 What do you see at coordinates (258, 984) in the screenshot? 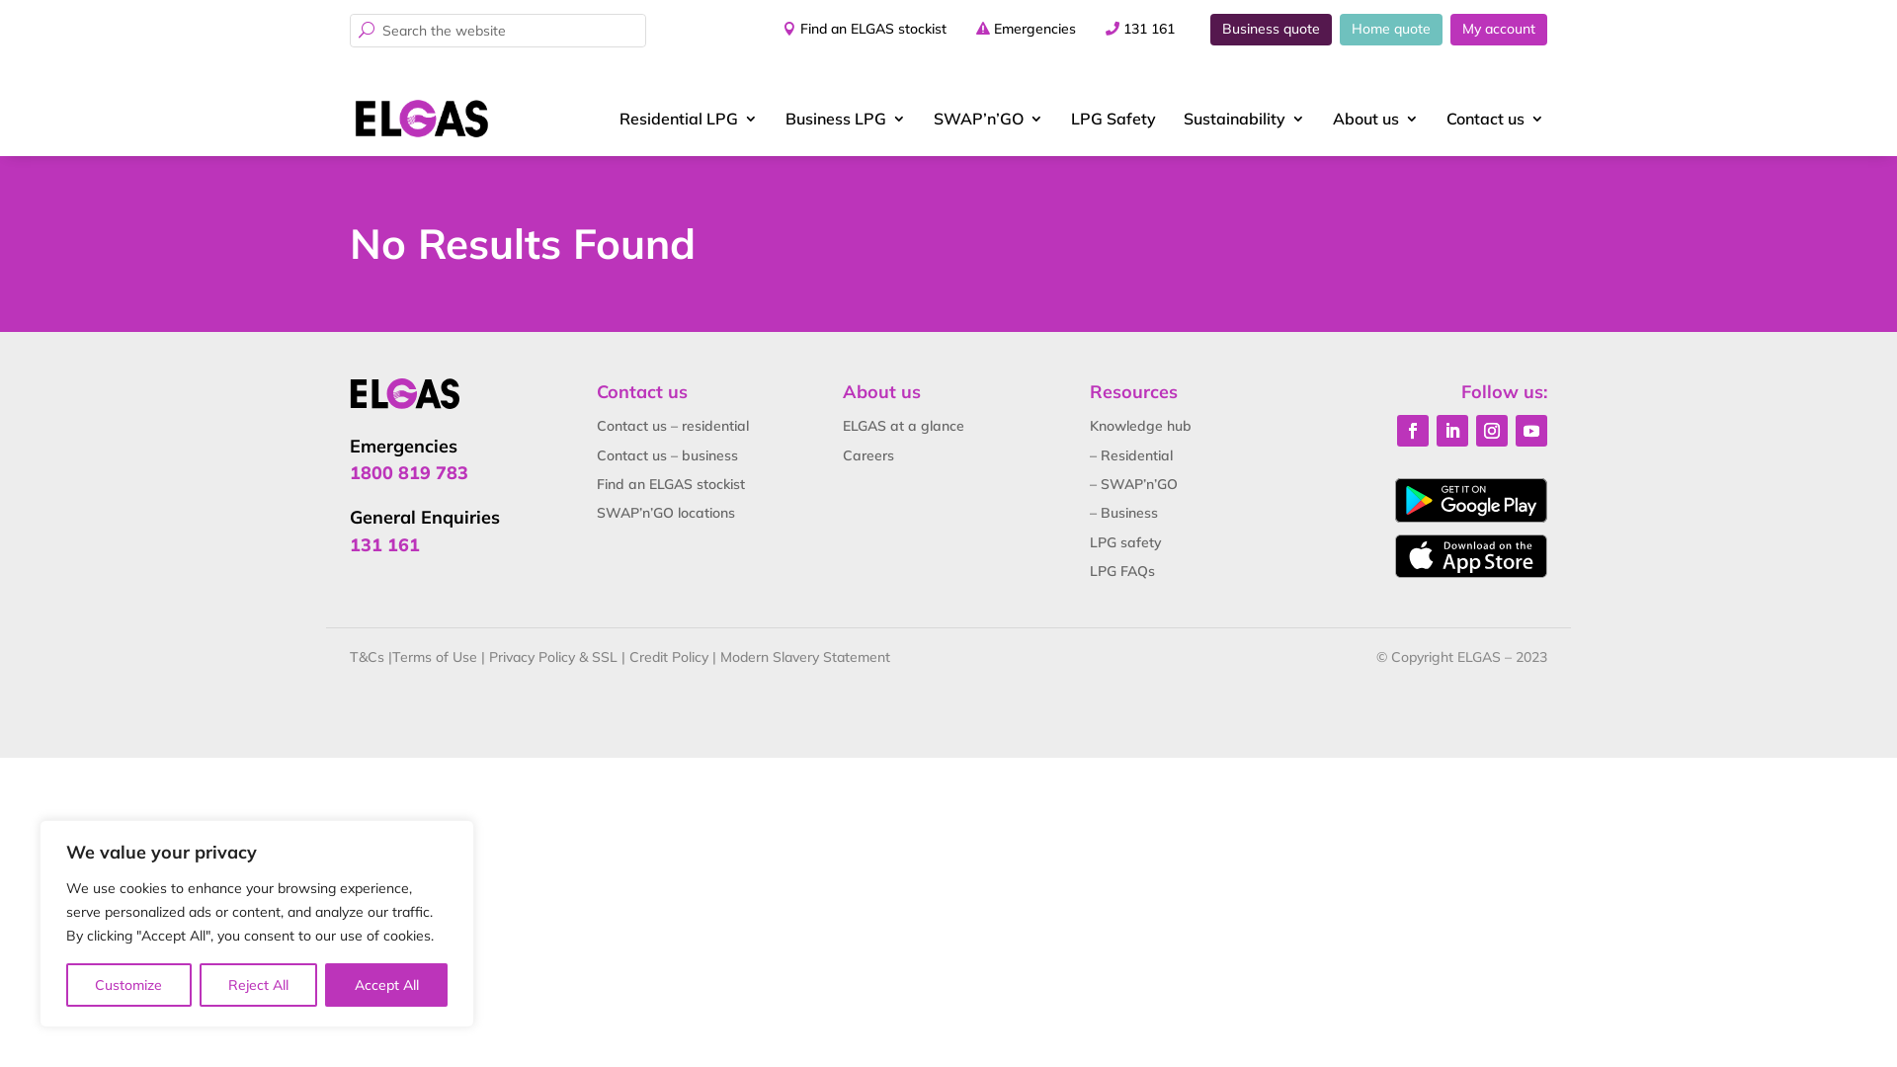
I see `'Reject All'` at bounding box center [258, 984].